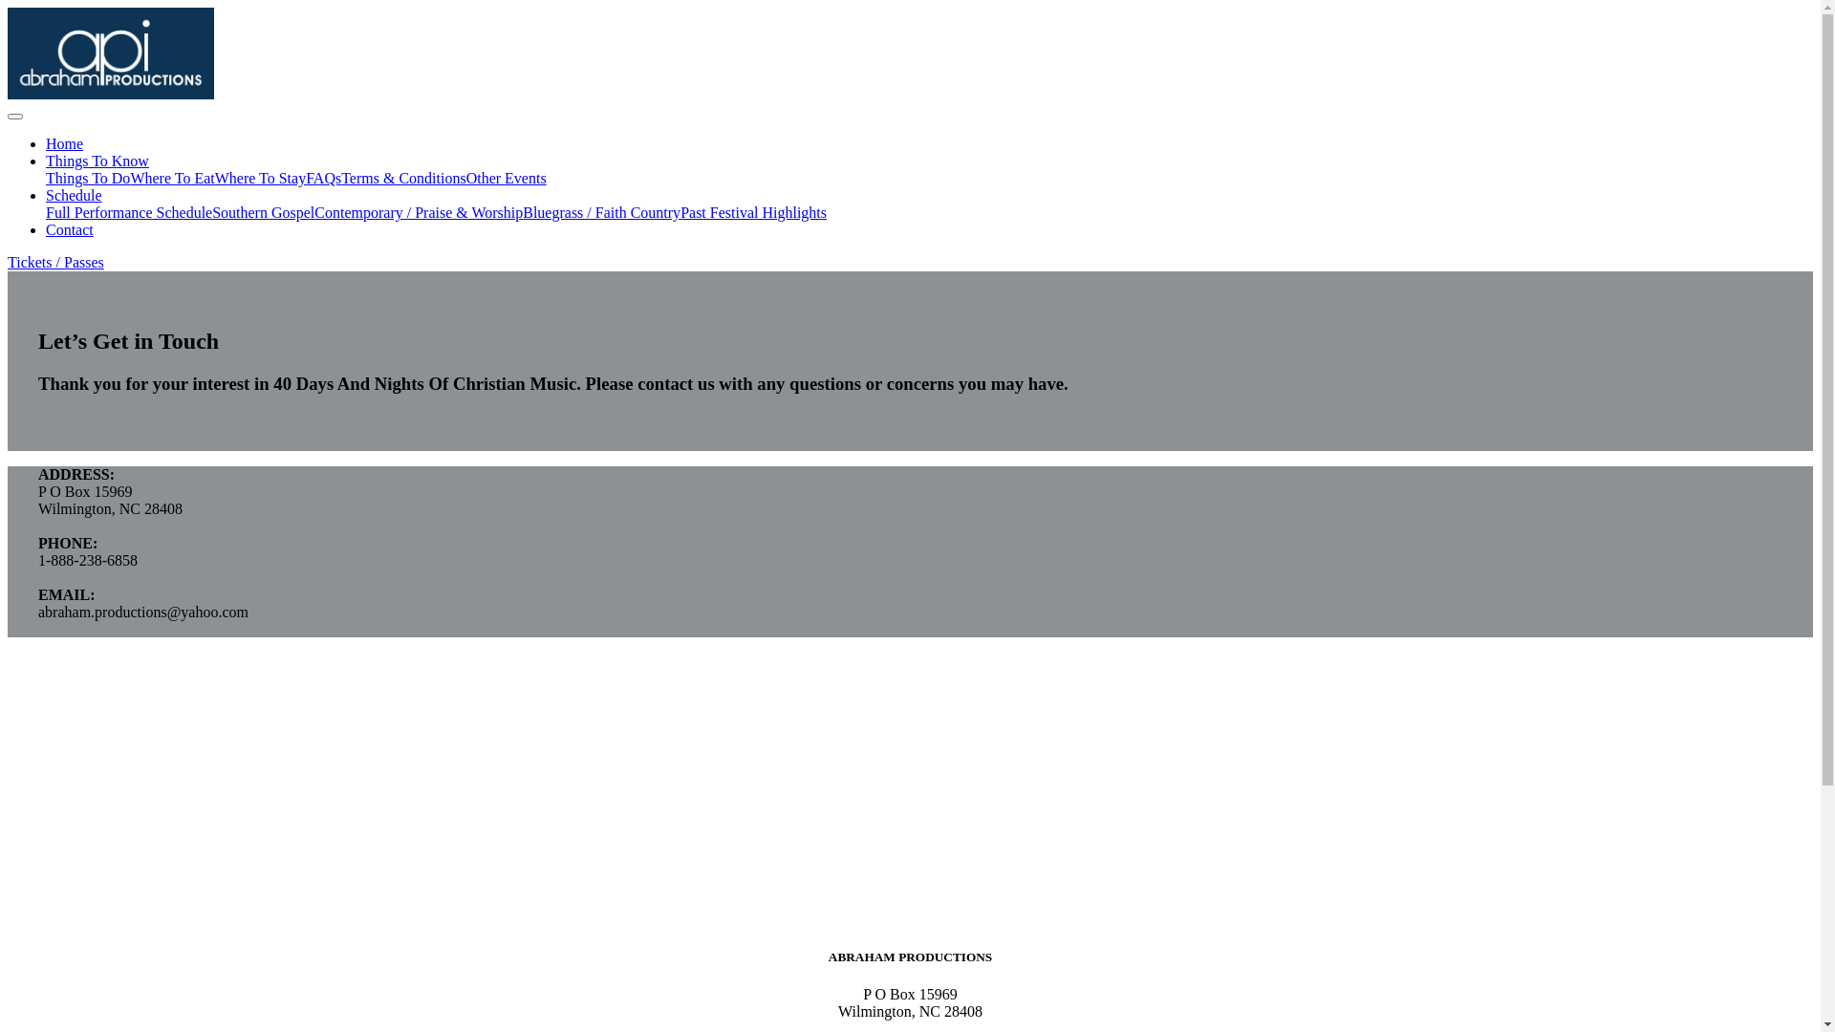  Describe the element at coordinates (506, 178) in the screenshot. I see `'Other Events'` at that location.